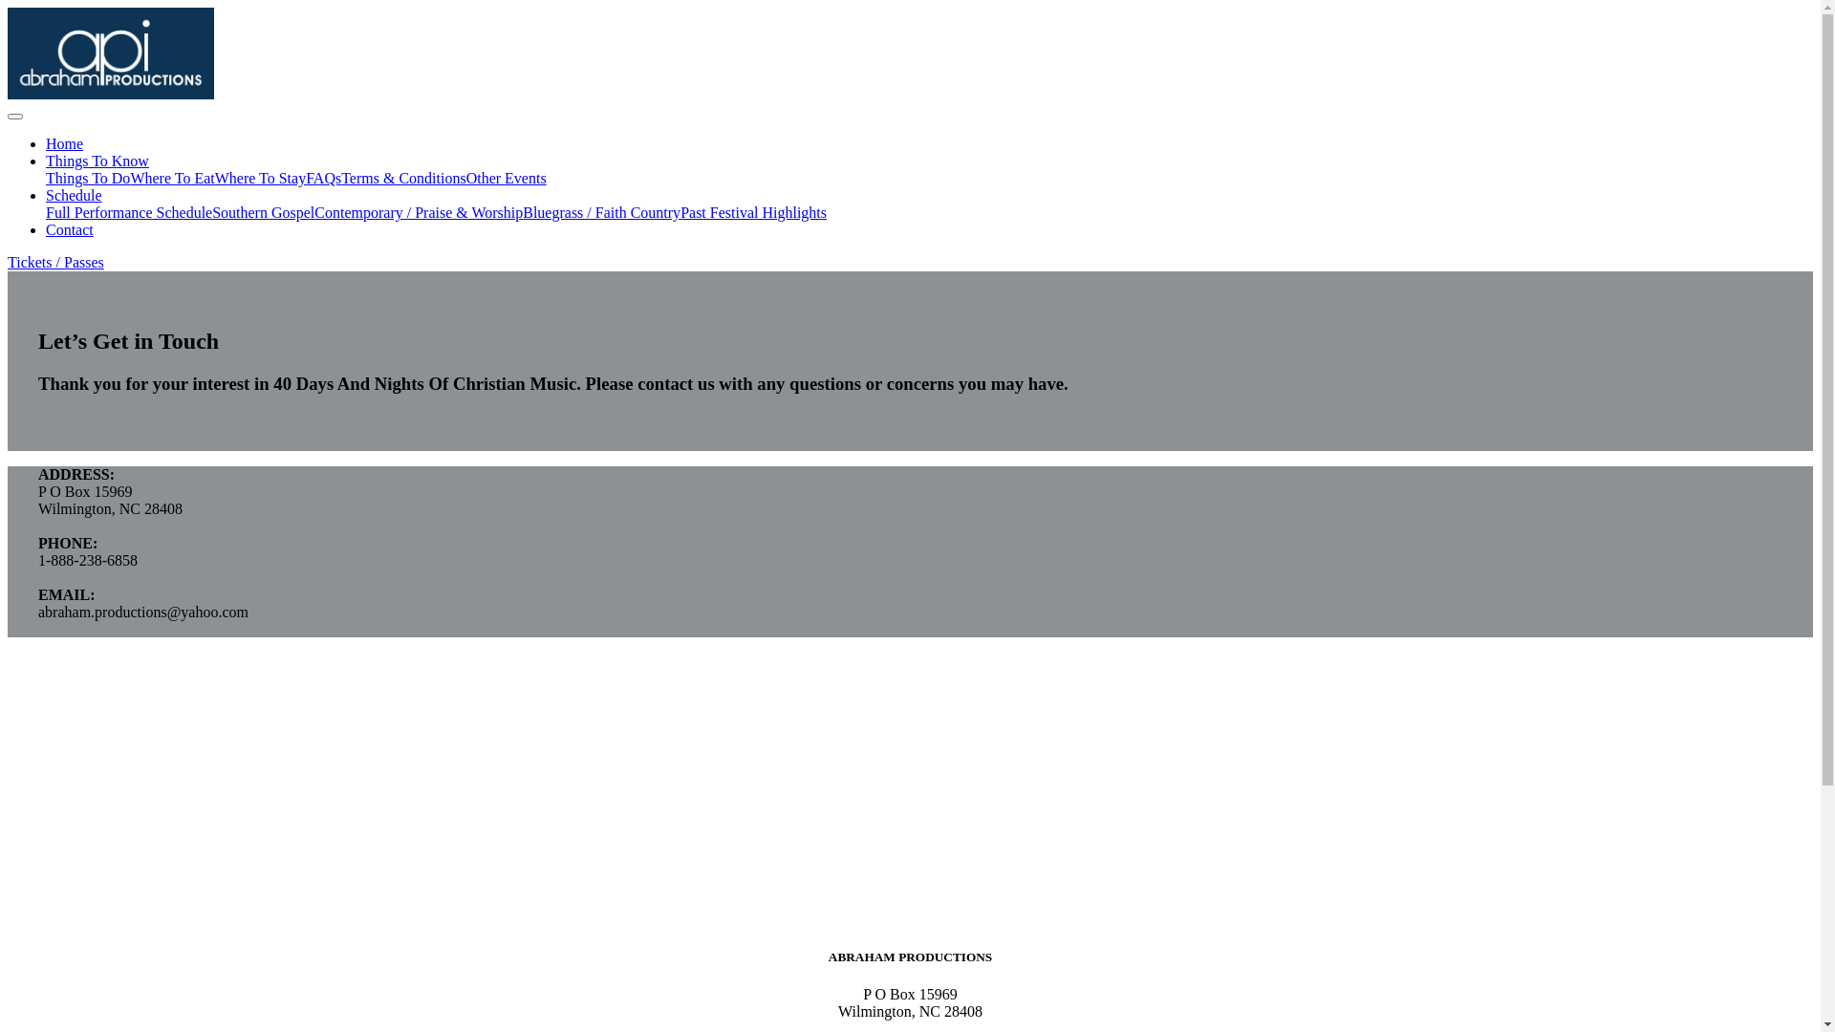  Describe the element at coordinates (506, 178) in the screenshot. I see `'Other Events'` at that location.